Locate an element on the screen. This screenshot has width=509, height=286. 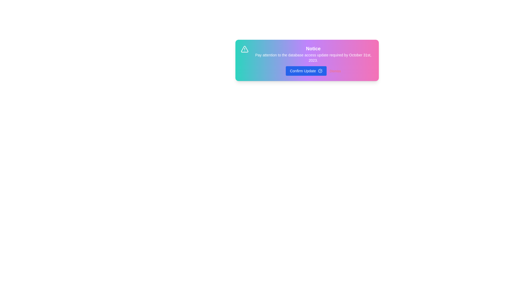
the word 'the' in the alert message is located at coordinates (262, 53).